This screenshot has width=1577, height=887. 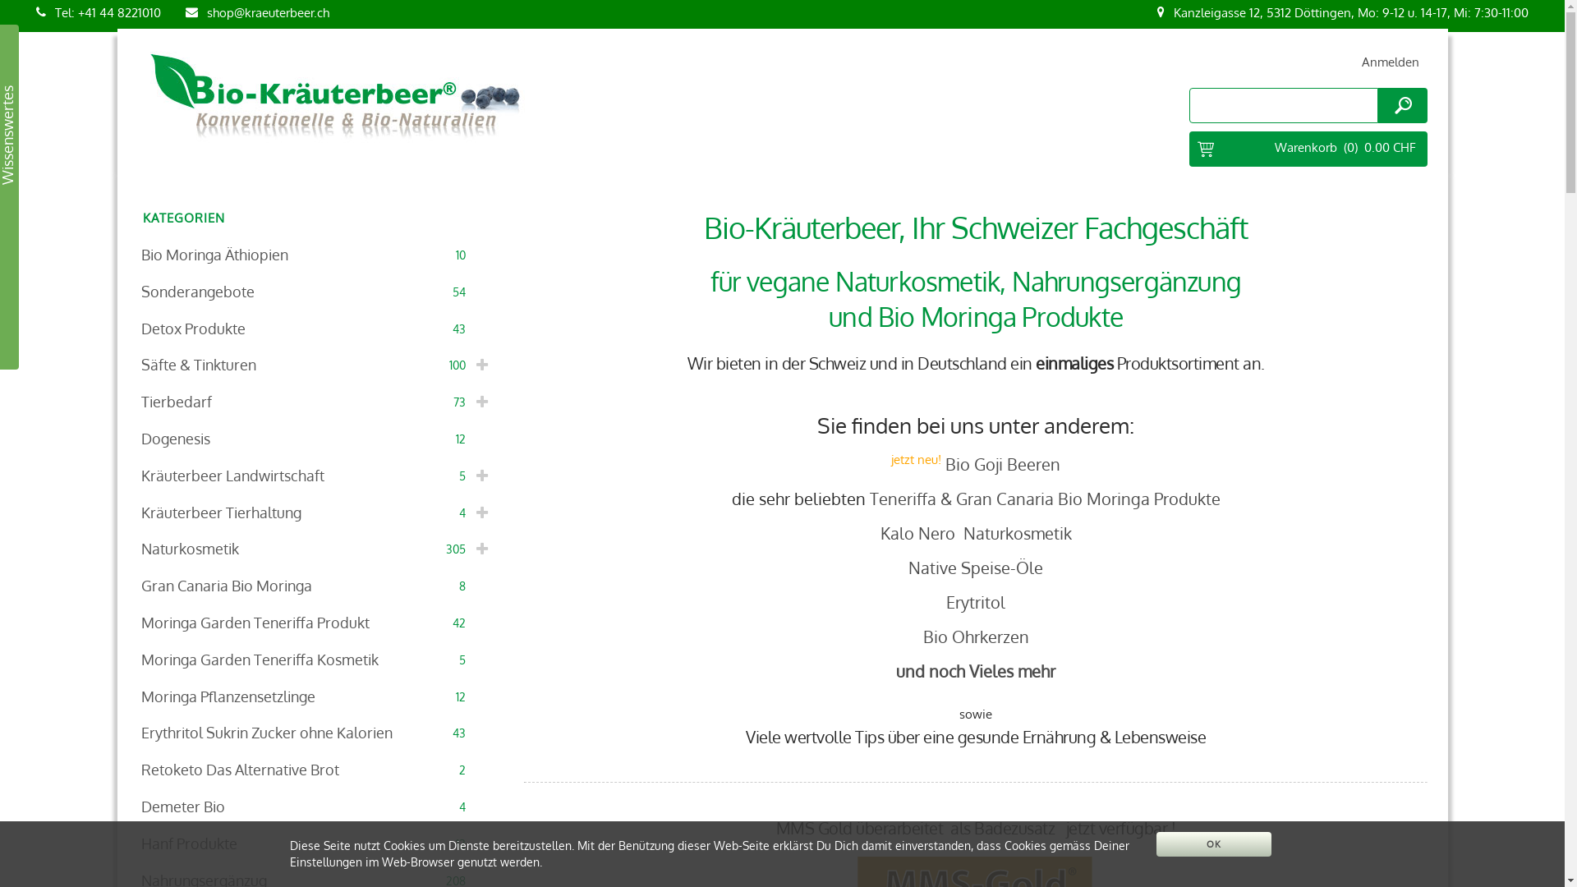 I want to click on 'Moringa Pflanzensetzlinge, so click(x=318, y=696).